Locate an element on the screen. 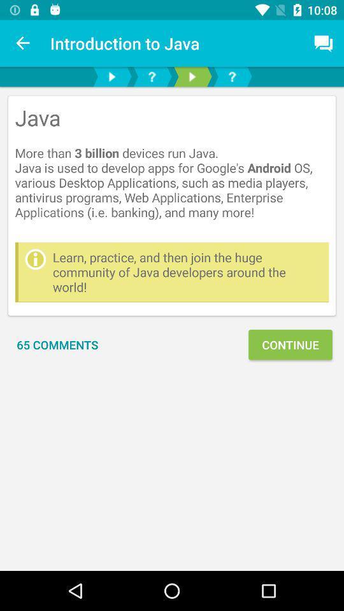  the icon below learn practice and is located at coordinates (290, 344).